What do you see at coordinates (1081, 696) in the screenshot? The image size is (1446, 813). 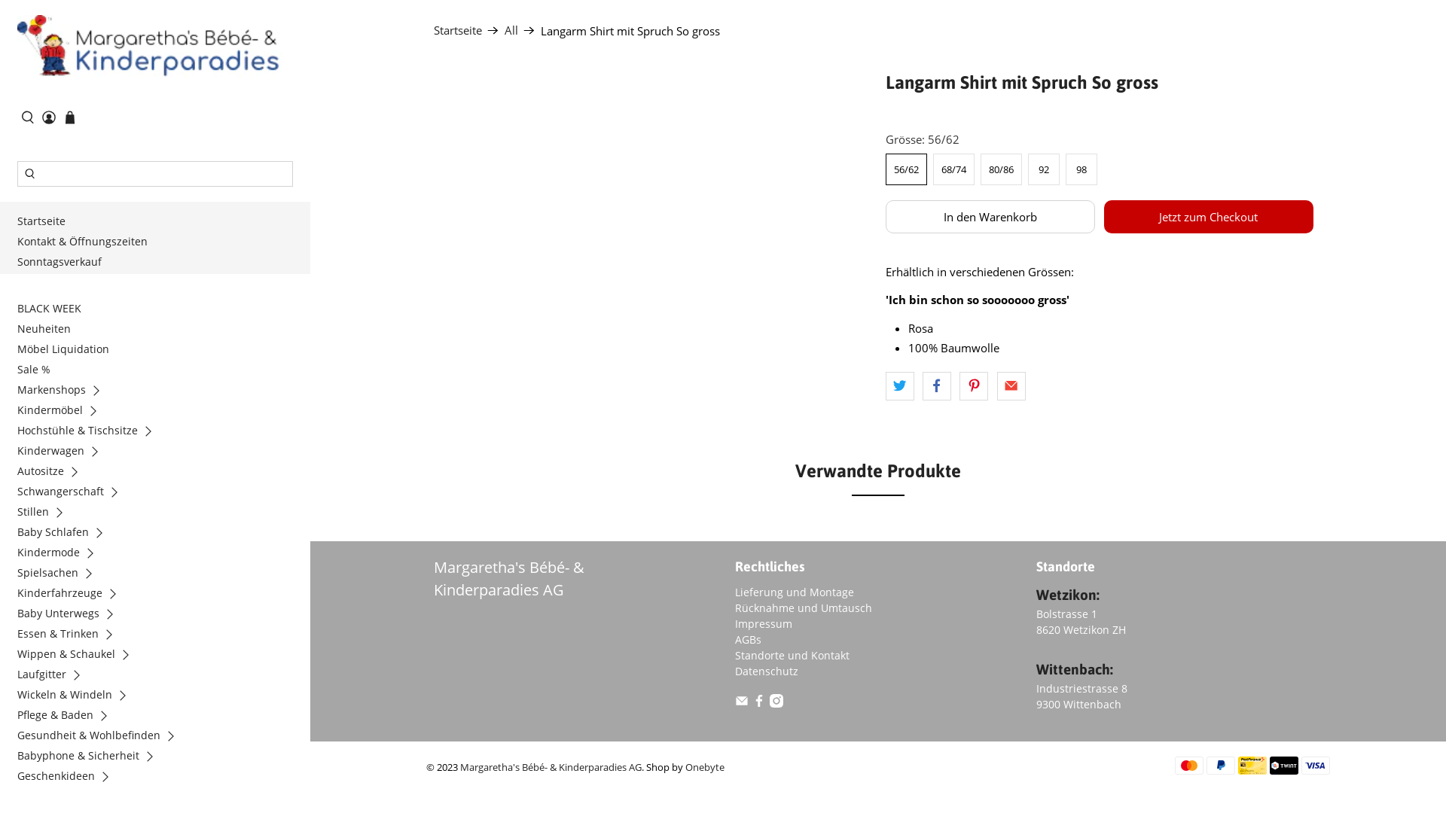 I see `'Industriestrasse 8` at bounding box center [1081, 696].